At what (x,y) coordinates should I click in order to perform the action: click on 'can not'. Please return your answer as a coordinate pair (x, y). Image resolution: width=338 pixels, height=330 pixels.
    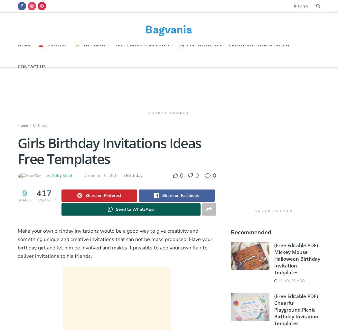
    Looking at the image, I should click on (134, 239).